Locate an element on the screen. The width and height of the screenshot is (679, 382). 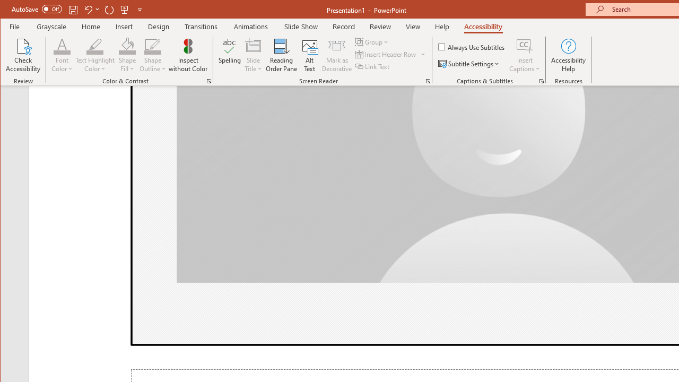
'Link Text' is located at coordinates (373, 66).